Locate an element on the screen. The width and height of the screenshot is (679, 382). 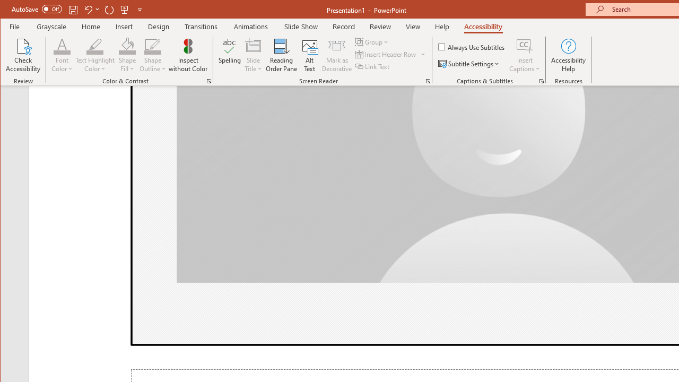
'Link Text' is located at coordinates (373, 66).